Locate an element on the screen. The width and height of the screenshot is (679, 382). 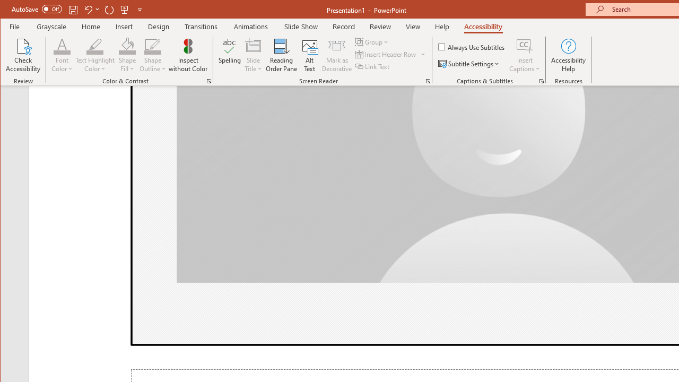
'Link Text' is located at coordinates (373, 66).